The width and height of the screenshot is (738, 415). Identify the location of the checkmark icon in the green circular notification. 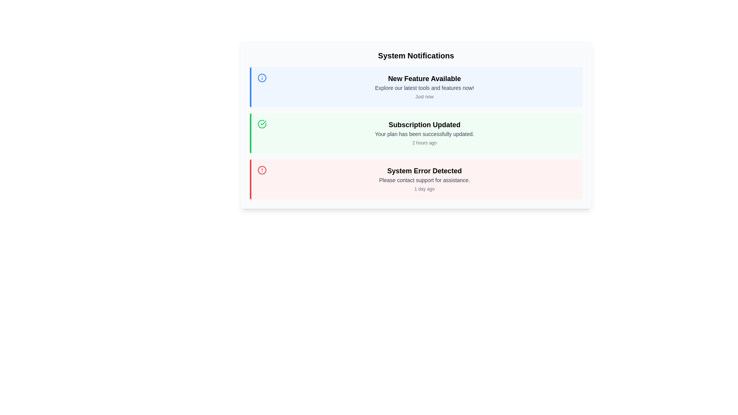
(263, 123).